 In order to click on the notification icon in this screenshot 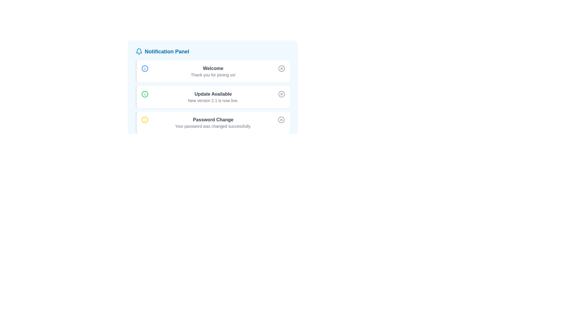, I will do `click(138, 50)`.